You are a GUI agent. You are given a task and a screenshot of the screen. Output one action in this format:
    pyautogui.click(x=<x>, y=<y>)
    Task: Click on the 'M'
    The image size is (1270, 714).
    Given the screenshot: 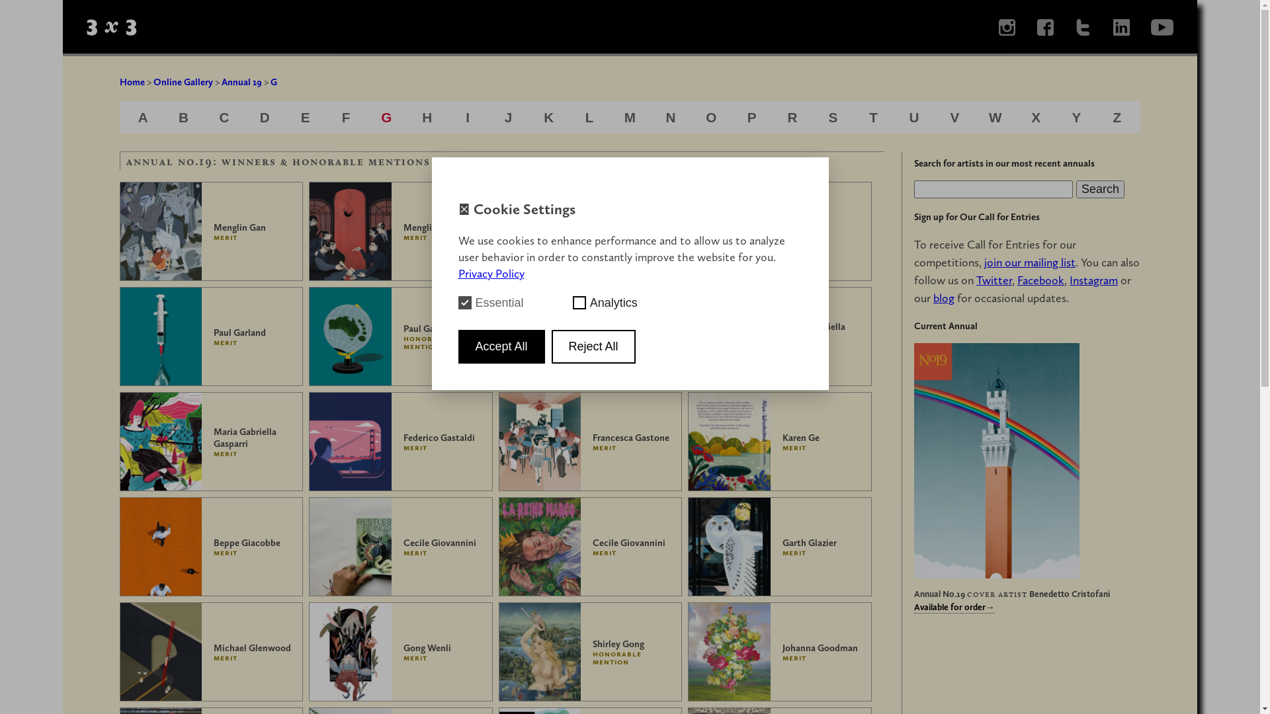 What is the action you would take?
    pyautogui.click(x=624, y=116)
    